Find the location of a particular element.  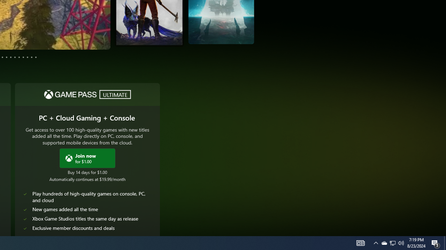

'Page 6' is located at coordinates (11, 57).